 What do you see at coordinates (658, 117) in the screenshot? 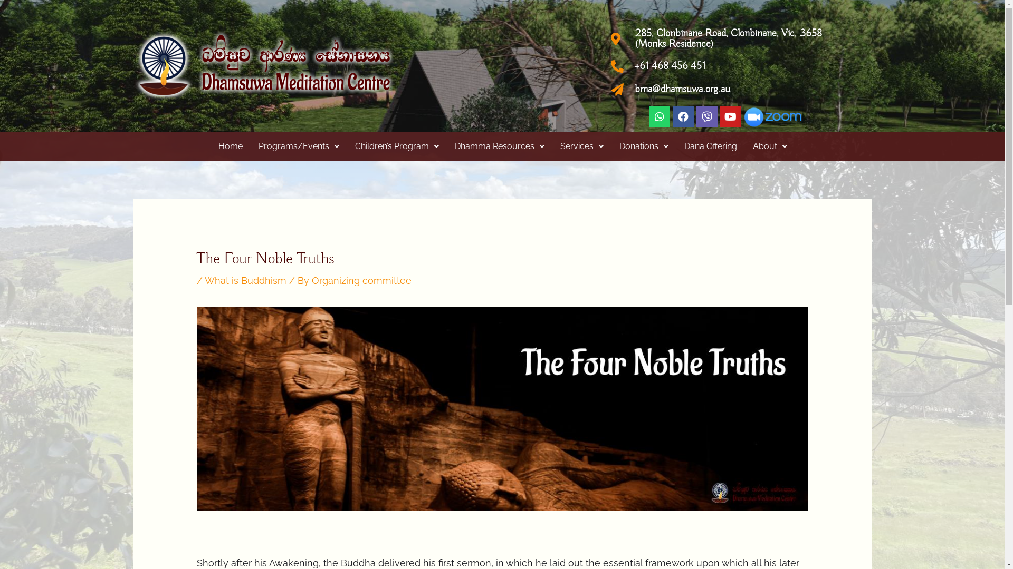
I see `'Whatsapp'` at bounding box center [658, 117].